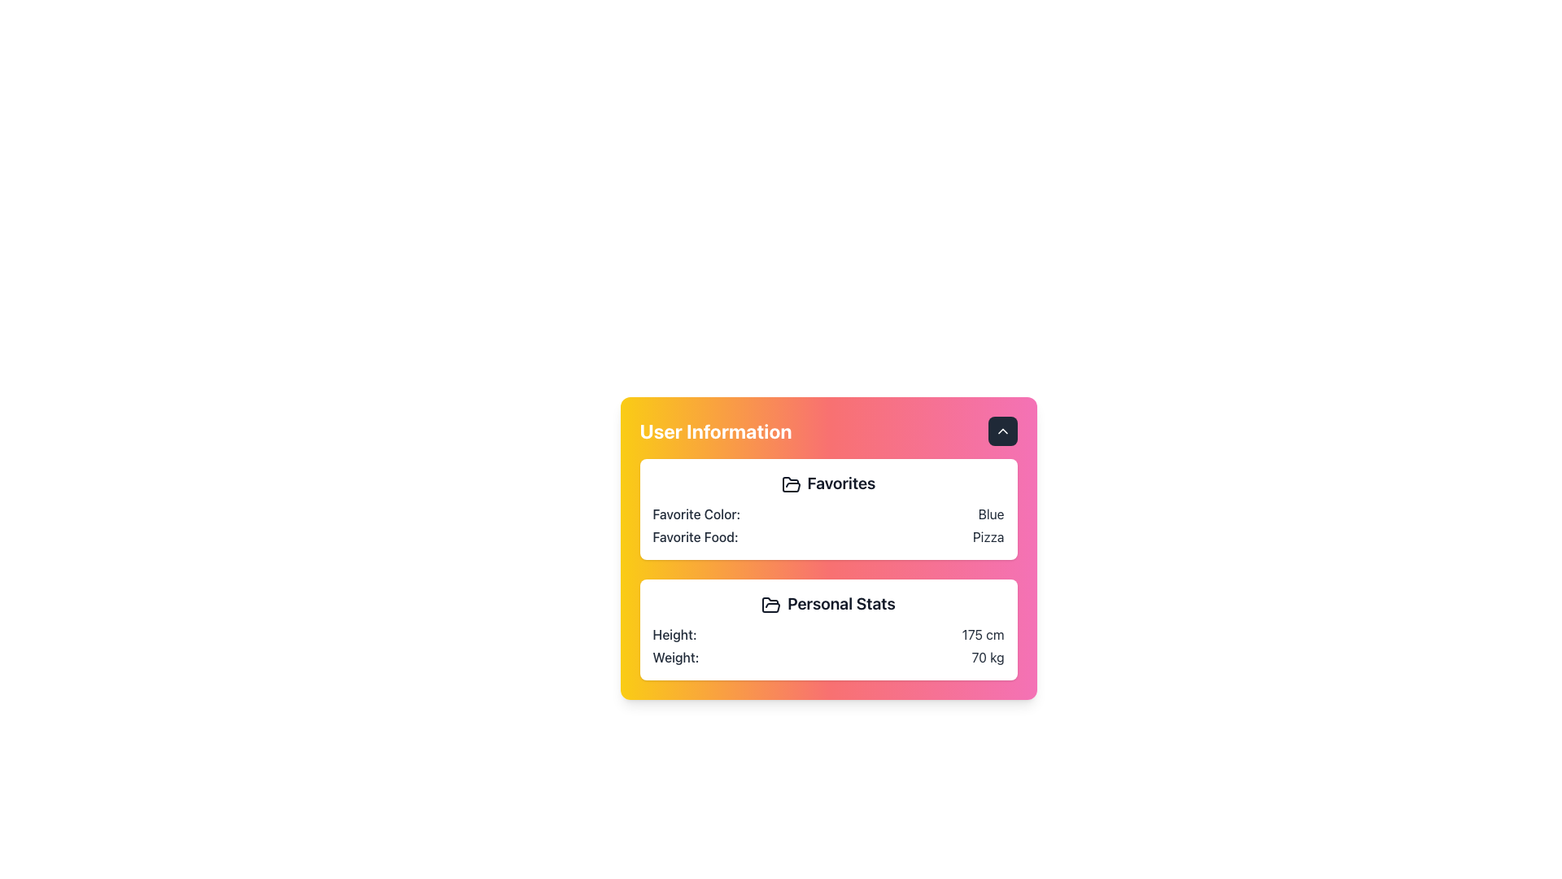  What do you see at coordinates (696, 514) in the screenshot?
I see `the 'Favorite Color:' label located in the 'Favorites' section of the user profile card` at bounding box center [696, 514].